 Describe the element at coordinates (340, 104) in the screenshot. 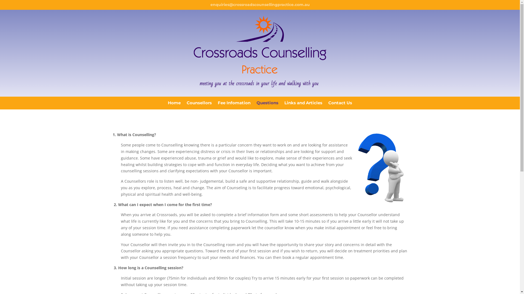

I see `'Contact Us'` at that location.